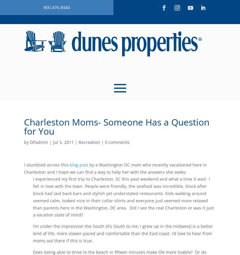  What do you see at coordinates (89, 142) in the screenshot?
I see `'Recreation'` at bounding box center [89, 142].